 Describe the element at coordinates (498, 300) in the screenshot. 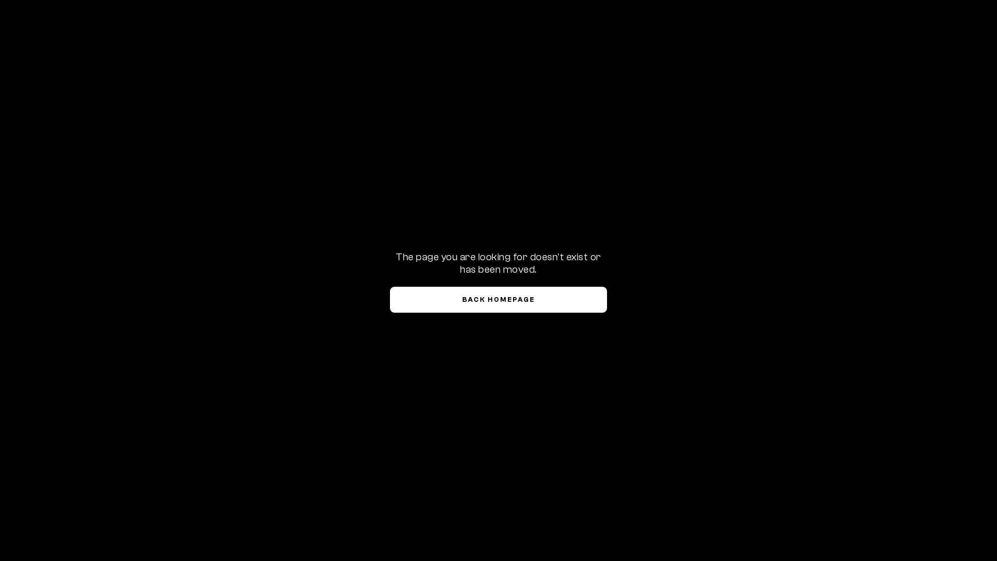

I see `'BACK HOMEPAGE'` at that location.